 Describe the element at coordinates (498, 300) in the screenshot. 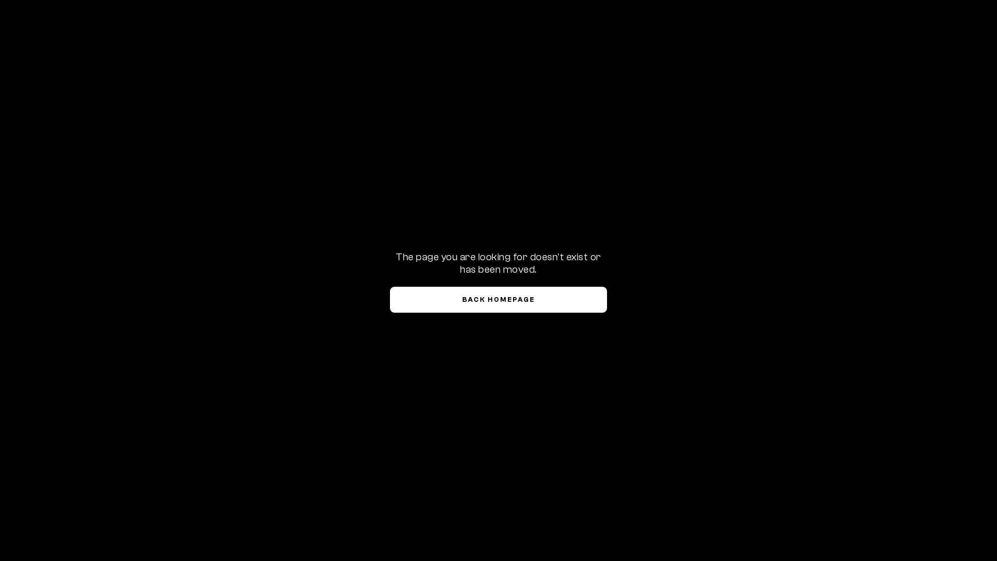

I see `'BACK HOMEPAGE'` at that location.